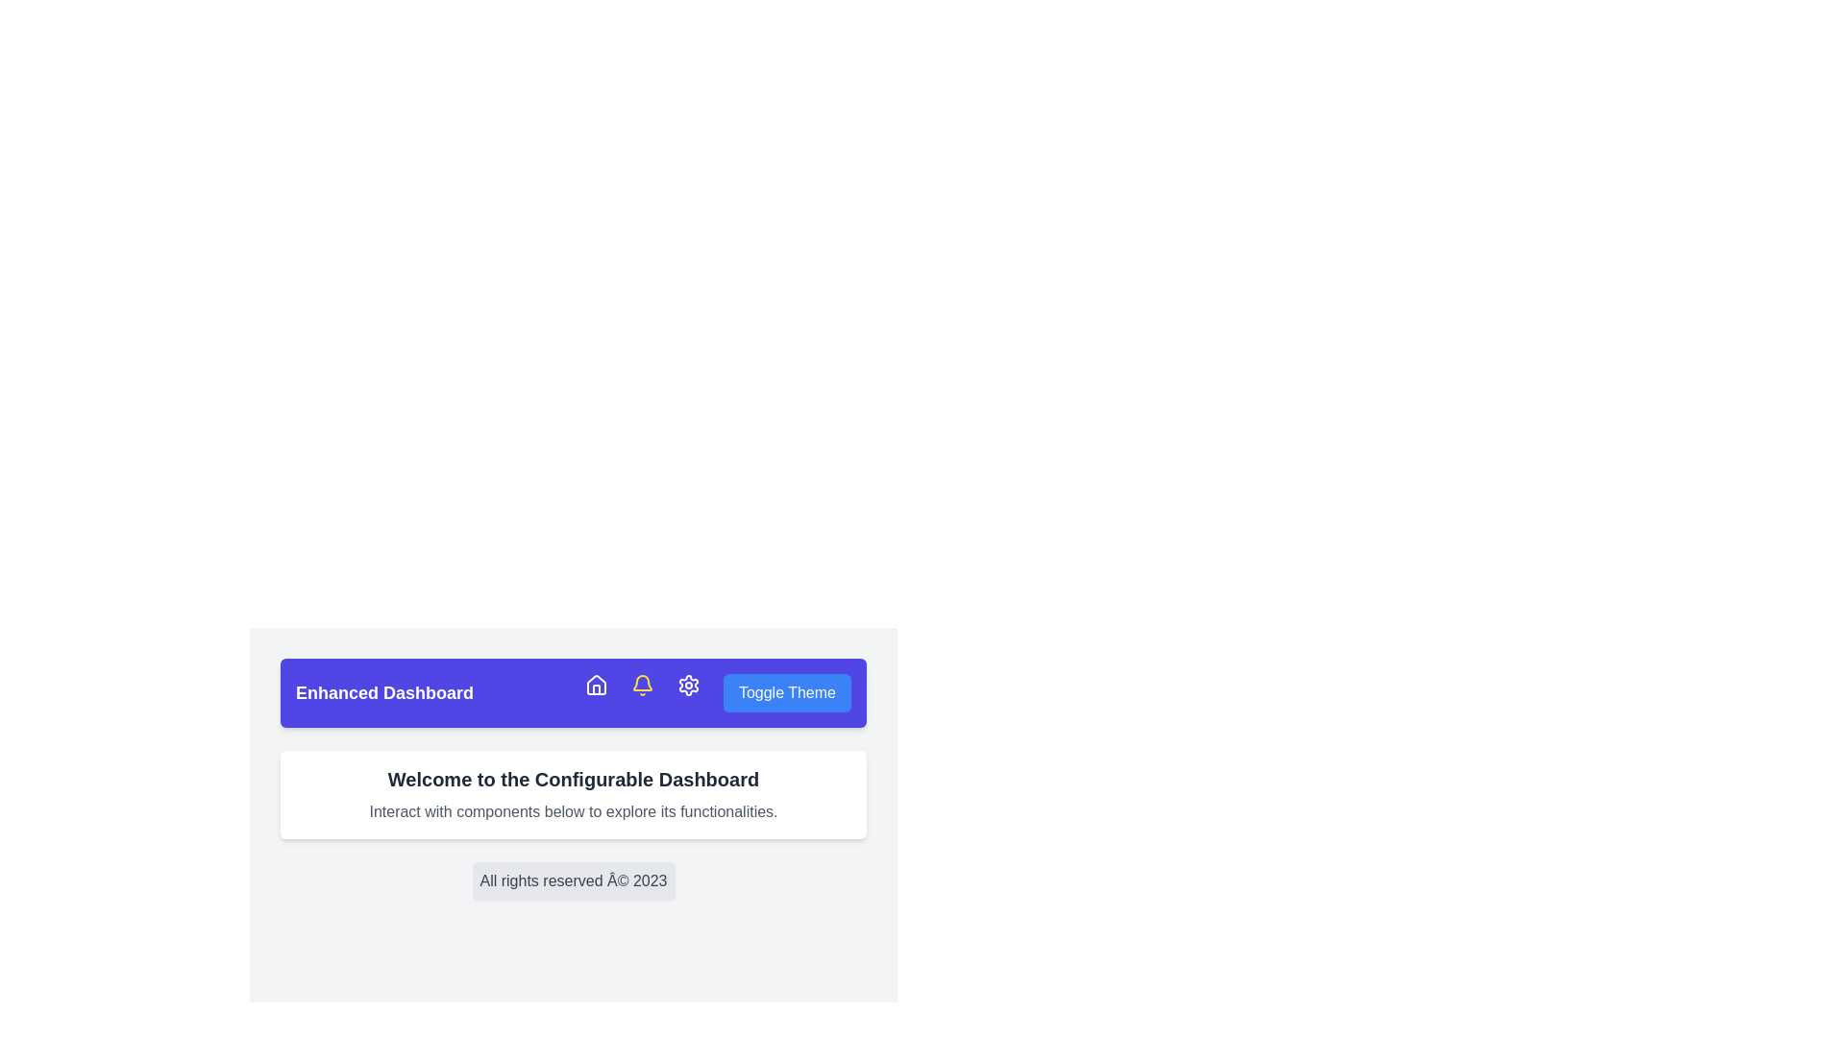 This screenshot has width=1845, height=1037. I want to click on the theme toggle button located in the top-right corner of the horizontal navigation bar, so click(787, 692).